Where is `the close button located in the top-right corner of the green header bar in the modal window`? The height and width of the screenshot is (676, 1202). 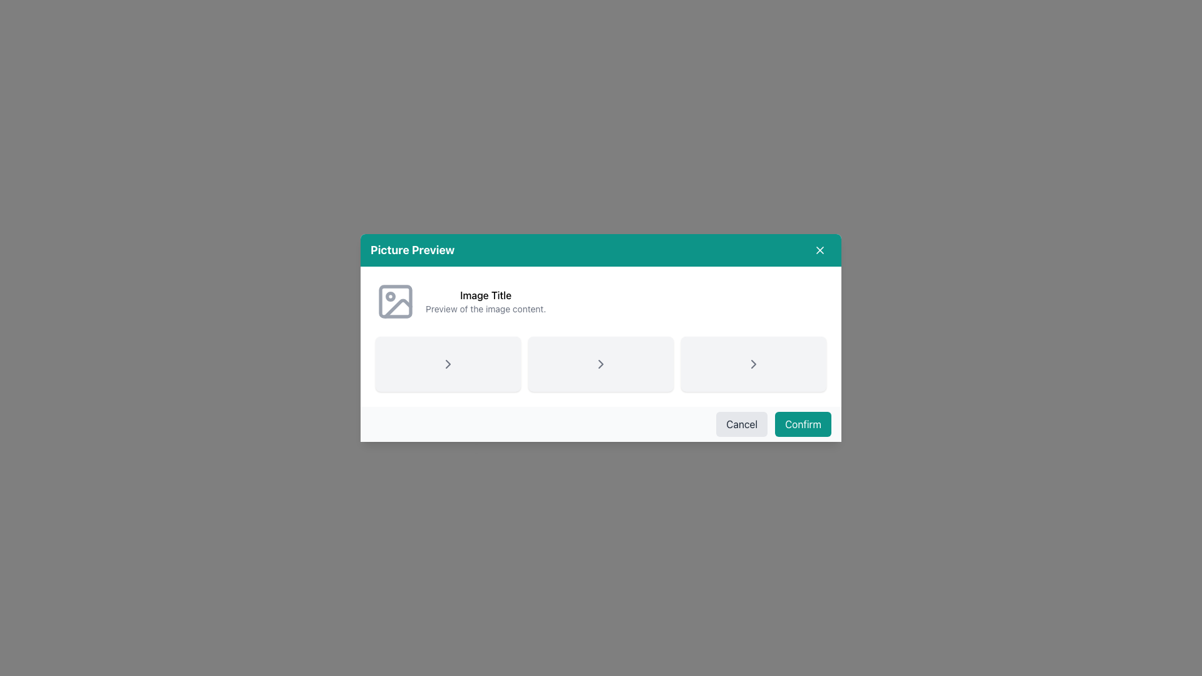
the close button located in the top-right corner of the green header bar in the modal window is located at coordinates (820, 250).